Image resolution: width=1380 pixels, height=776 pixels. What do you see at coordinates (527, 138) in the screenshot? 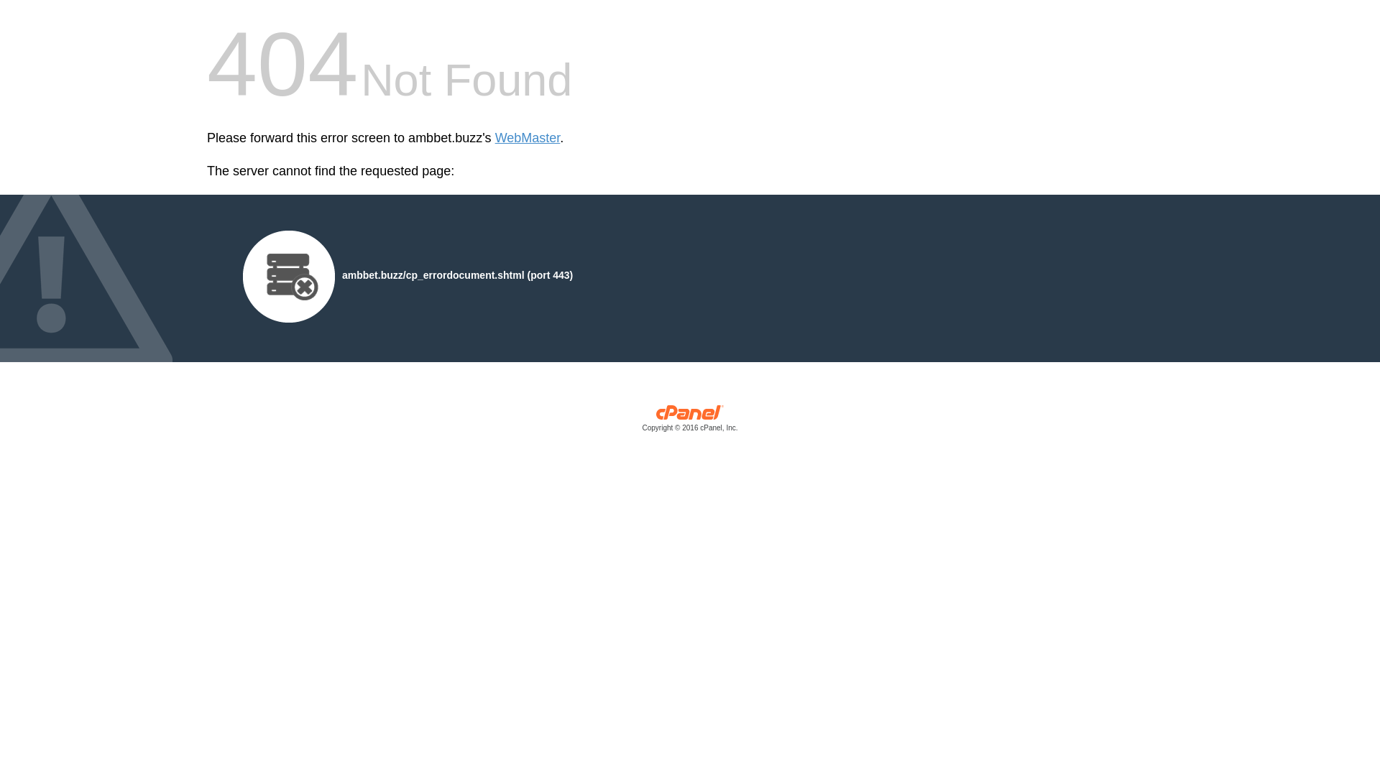
I see `'WebMaster'` at bounding box center [527, 138].